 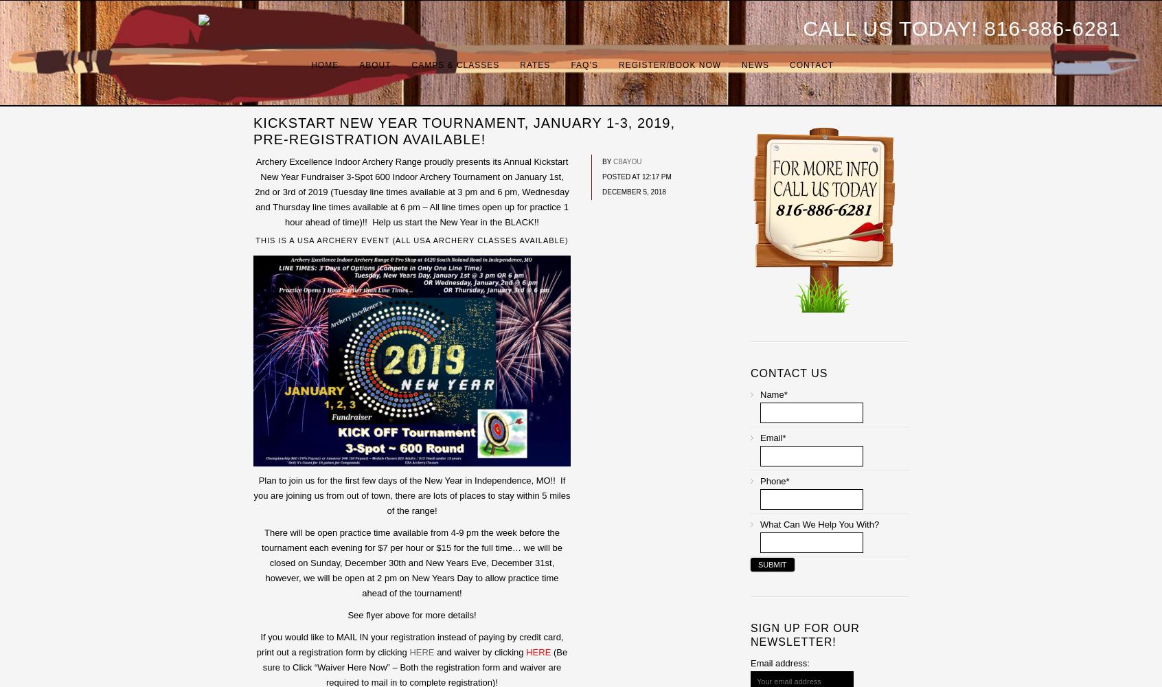 I want to click on 'Kickstart New Year Tournament, January 1-3, 2019, Pre-Registration Available!', so click(x=253, y=131).